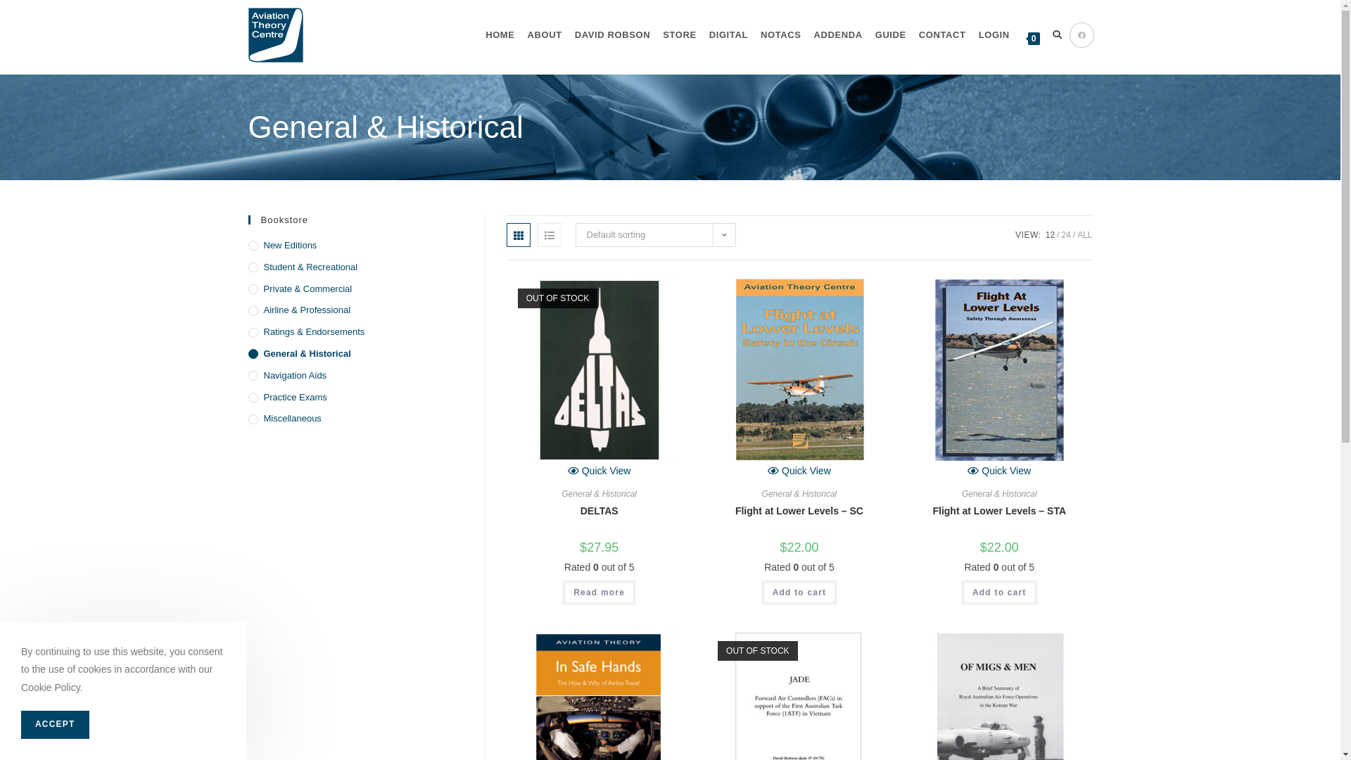  What do you see at coordinates (612, 34) in the screenshot?
I see `'DAVID ROBSON'` at bounding box center [612, 34].